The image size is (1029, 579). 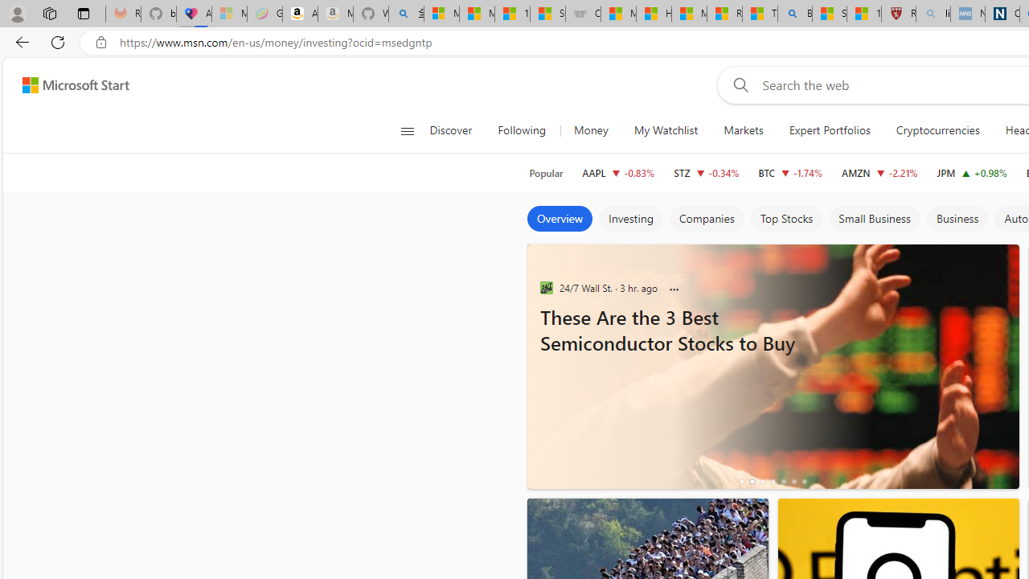 I want to click on 'Markets', so click(x=742, y=130).